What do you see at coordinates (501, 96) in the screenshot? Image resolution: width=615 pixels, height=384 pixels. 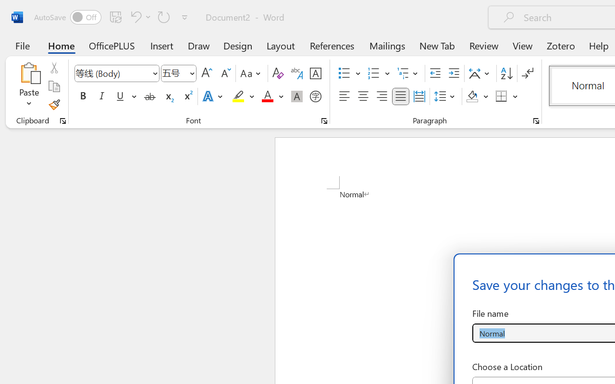 I see `'Borders'` at bounding box center [501, 96].